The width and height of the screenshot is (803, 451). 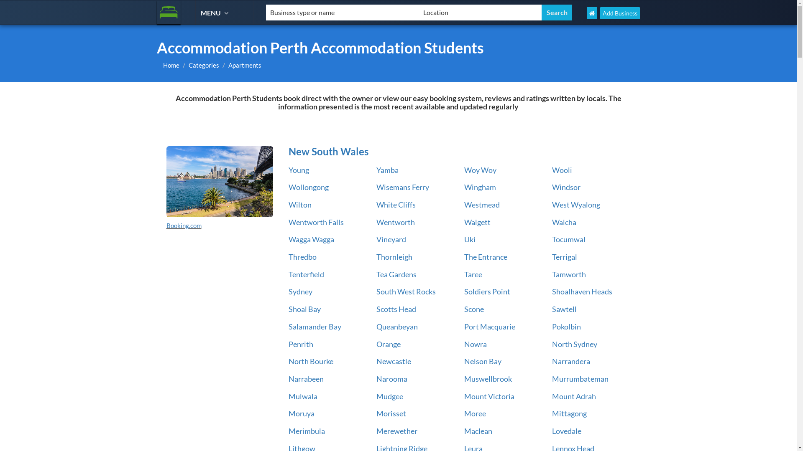 I want to click on 'Search', so click(x=557, y=13).